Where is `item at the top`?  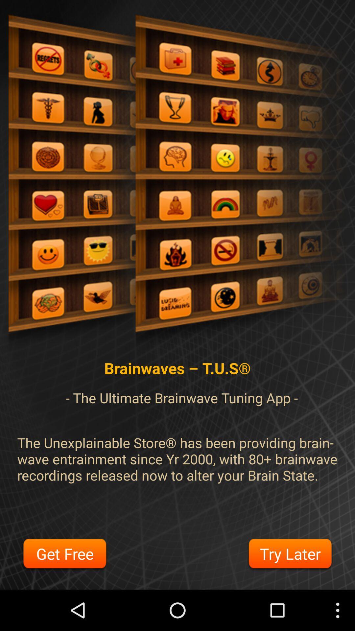 item at the top is located at coordinates (177, 183).